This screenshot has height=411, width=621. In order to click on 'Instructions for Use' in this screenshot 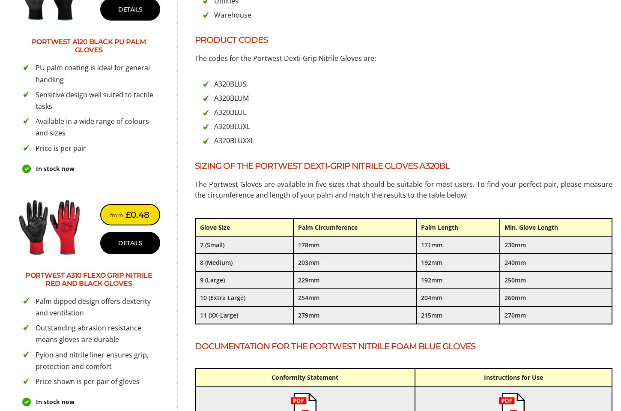, I will do `click(512, 376)`.